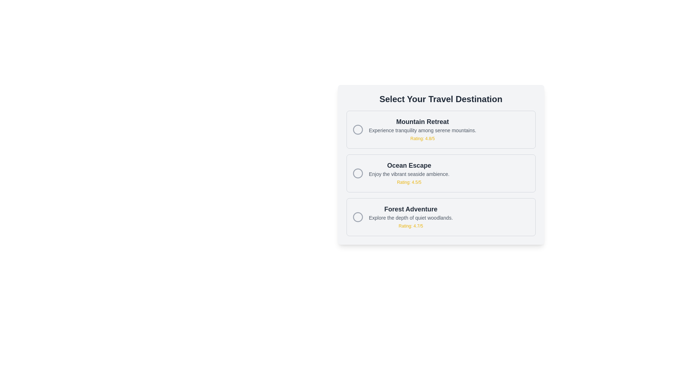 This screenshot has height=387, width=688. Describe the element at coordinates (440, 173) in the screenshot. I see `descriptions or ratings of each card in the vertical list of selectable travel destinations located below the 'Select Your Travel Destination' header` at that location.